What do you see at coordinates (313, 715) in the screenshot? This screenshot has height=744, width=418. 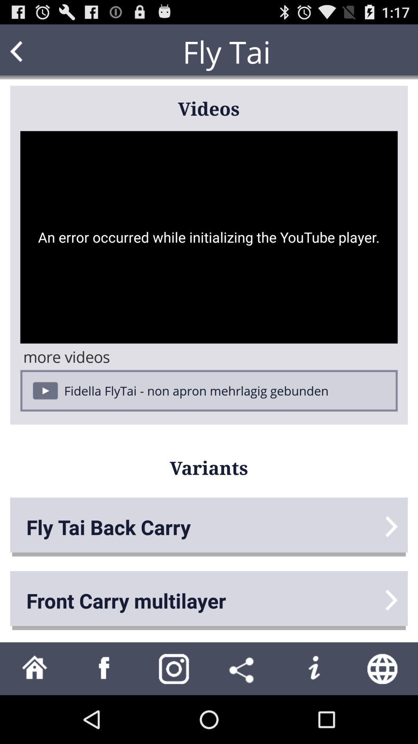 I see `the info icon` at bounding box center [313, 715].